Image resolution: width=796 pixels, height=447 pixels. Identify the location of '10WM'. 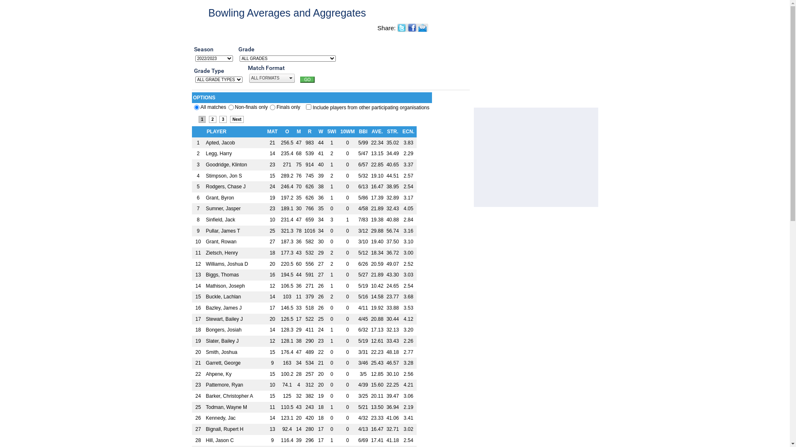
(347, 131).